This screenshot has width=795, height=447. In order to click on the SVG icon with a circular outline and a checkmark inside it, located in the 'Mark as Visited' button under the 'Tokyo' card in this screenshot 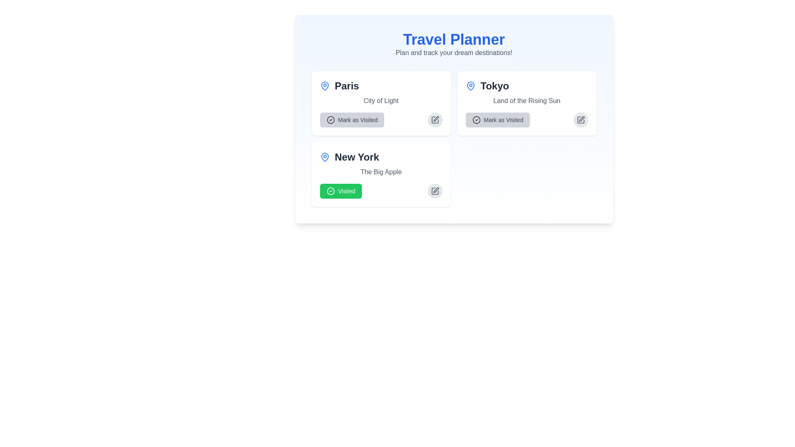, I will do `click(476, 120)`.